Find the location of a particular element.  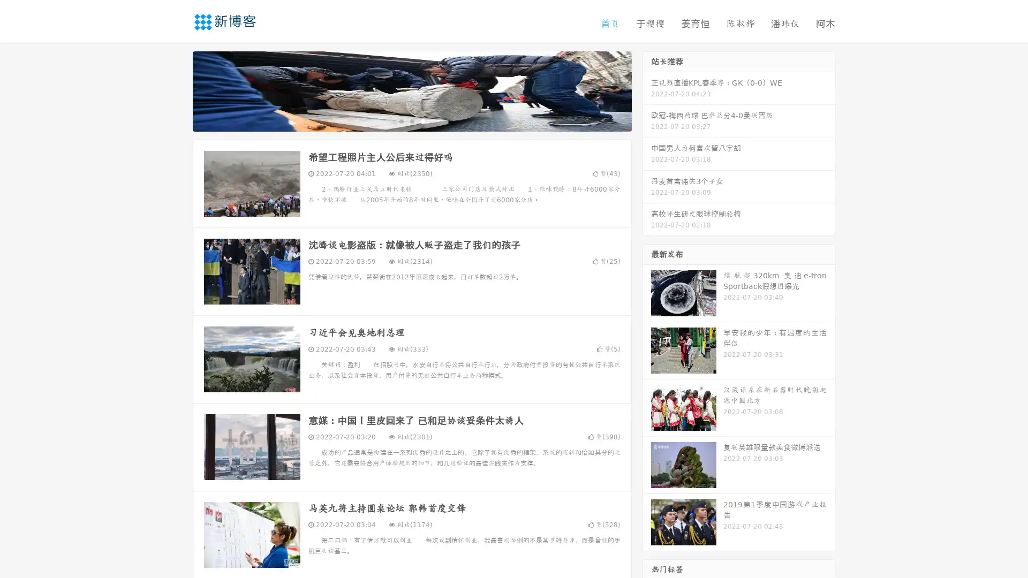

Next slide is located at coordinates (647, 90).